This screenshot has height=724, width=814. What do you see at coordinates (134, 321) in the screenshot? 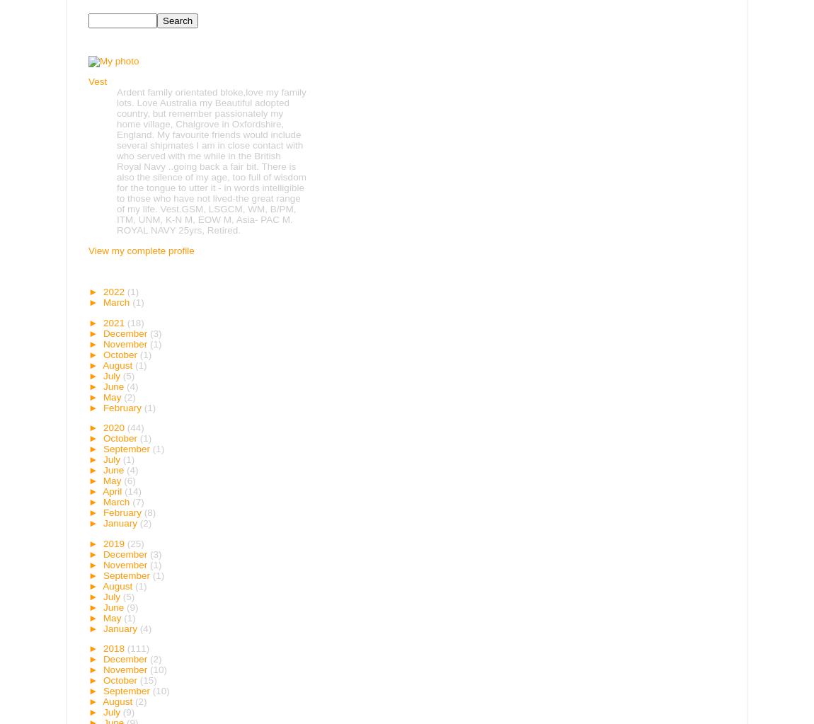
I see `'(18)'` at bounding box center [134, 321].